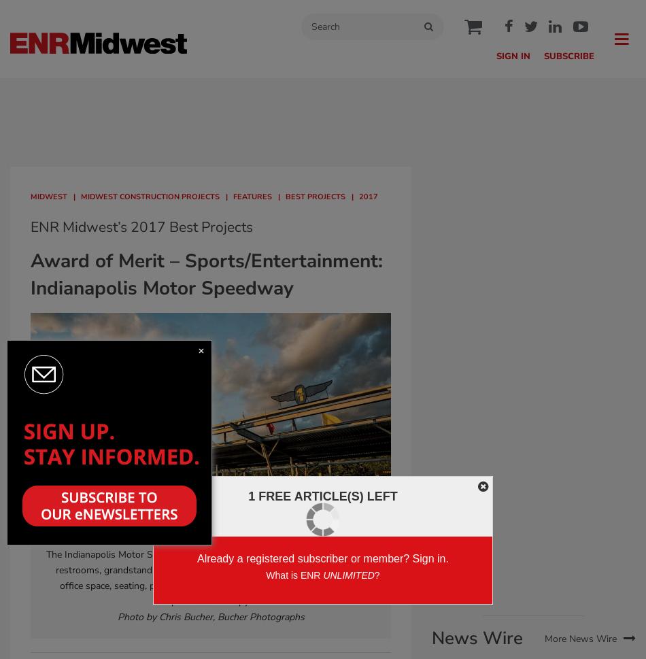  I want to click on 'Best Projects', so click(314, 197).